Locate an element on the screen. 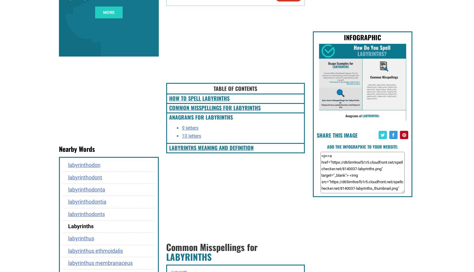 This screenshot has height=272, width=474. 'LABYRINTHS' is located at coordinates (188, 256).